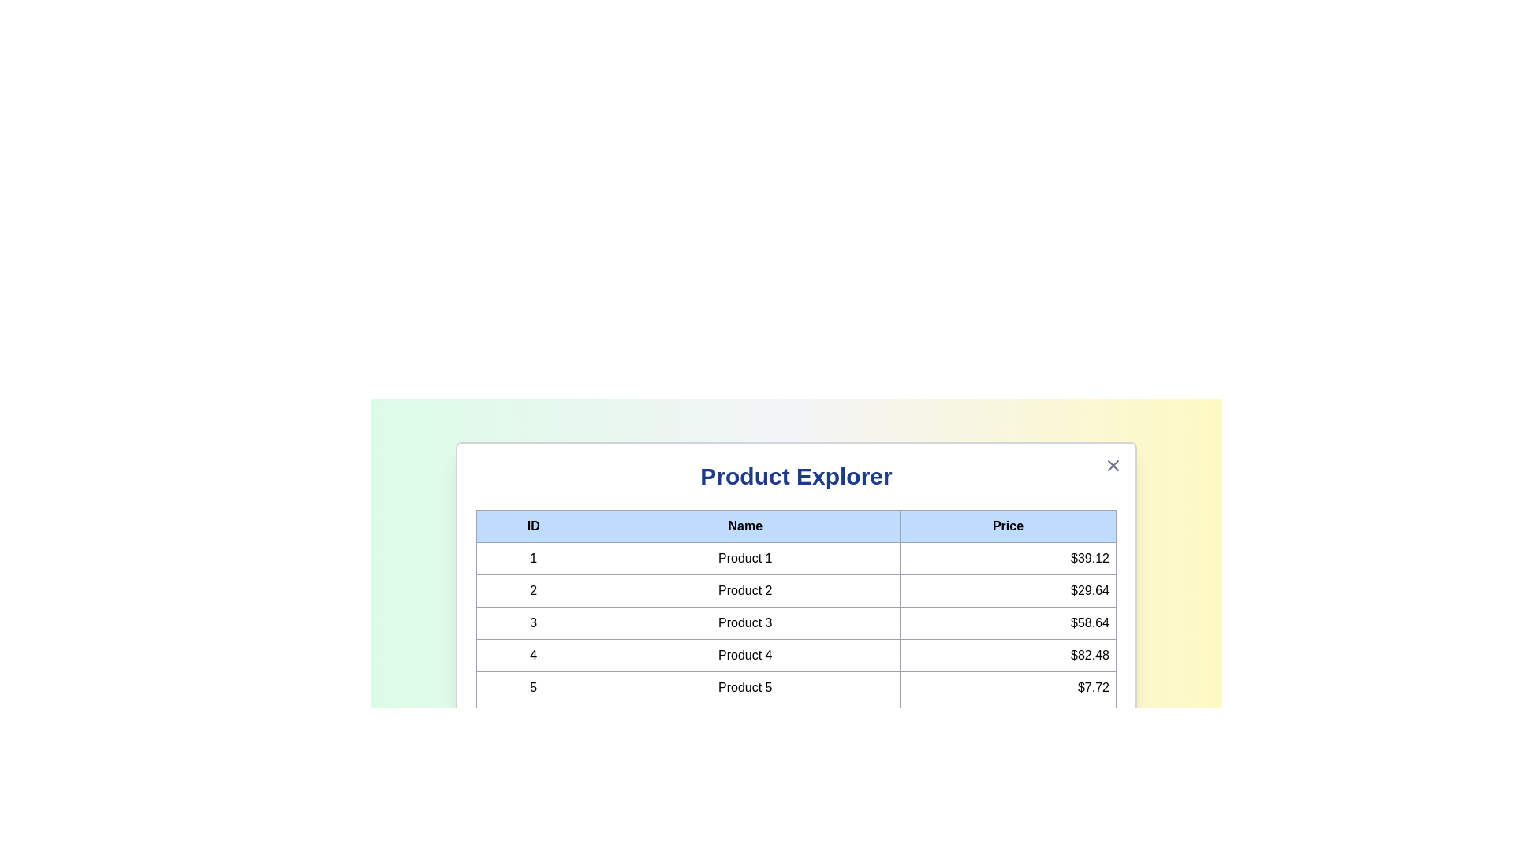 The height and width of the screenshot is (851, 1514). I want to click on the column header Name to sort the table by that column, so click(744, 526).